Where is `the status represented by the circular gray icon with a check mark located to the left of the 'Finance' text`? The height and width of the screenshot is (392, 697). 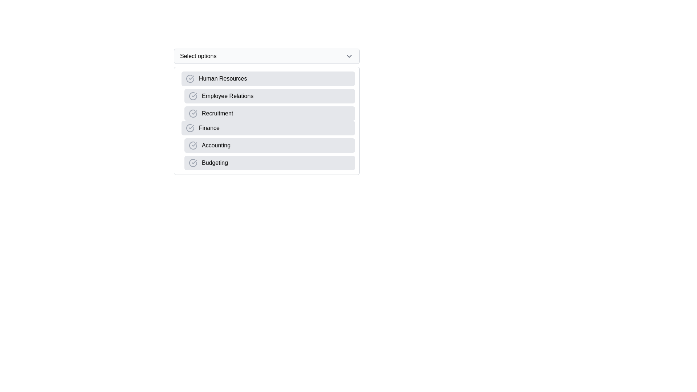 the status represented by the circular gray icon with a check mark located to the left of the 'Finance' text is located at coordinates (190, 128).